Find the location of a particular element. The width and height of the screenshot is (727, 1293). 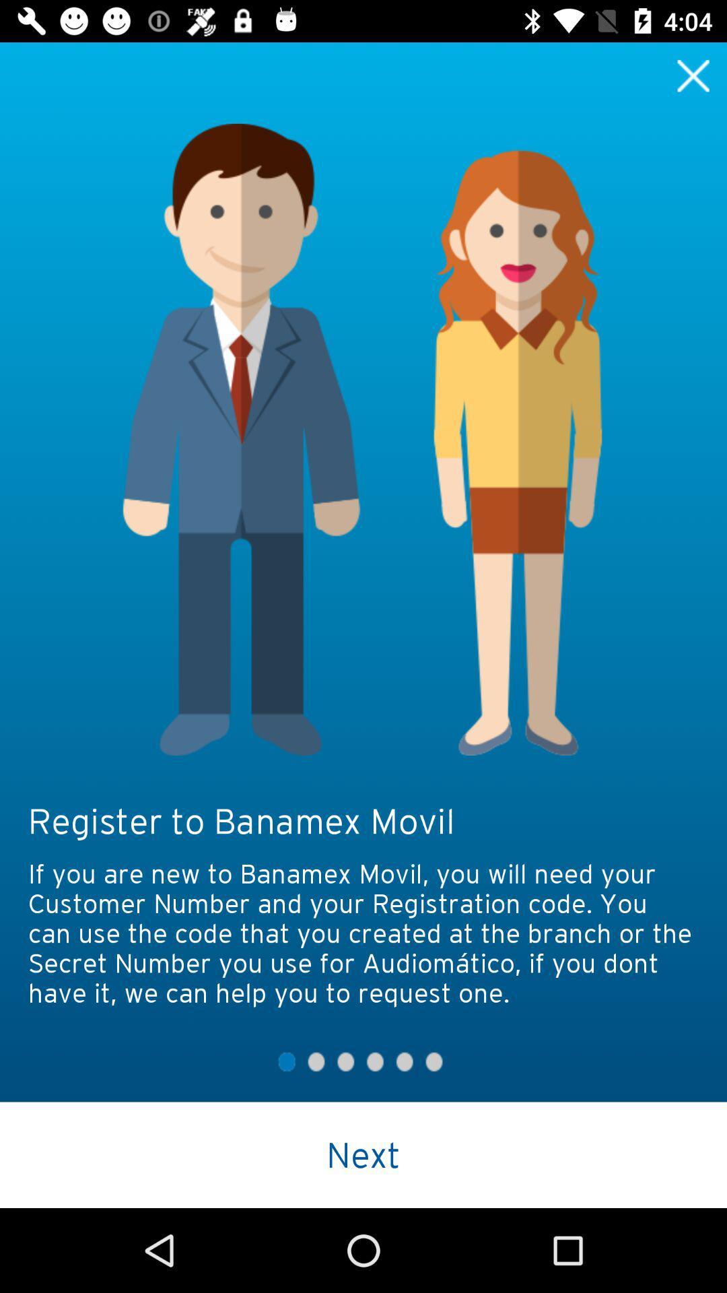

exit this page is located at coordinates (693, 75).